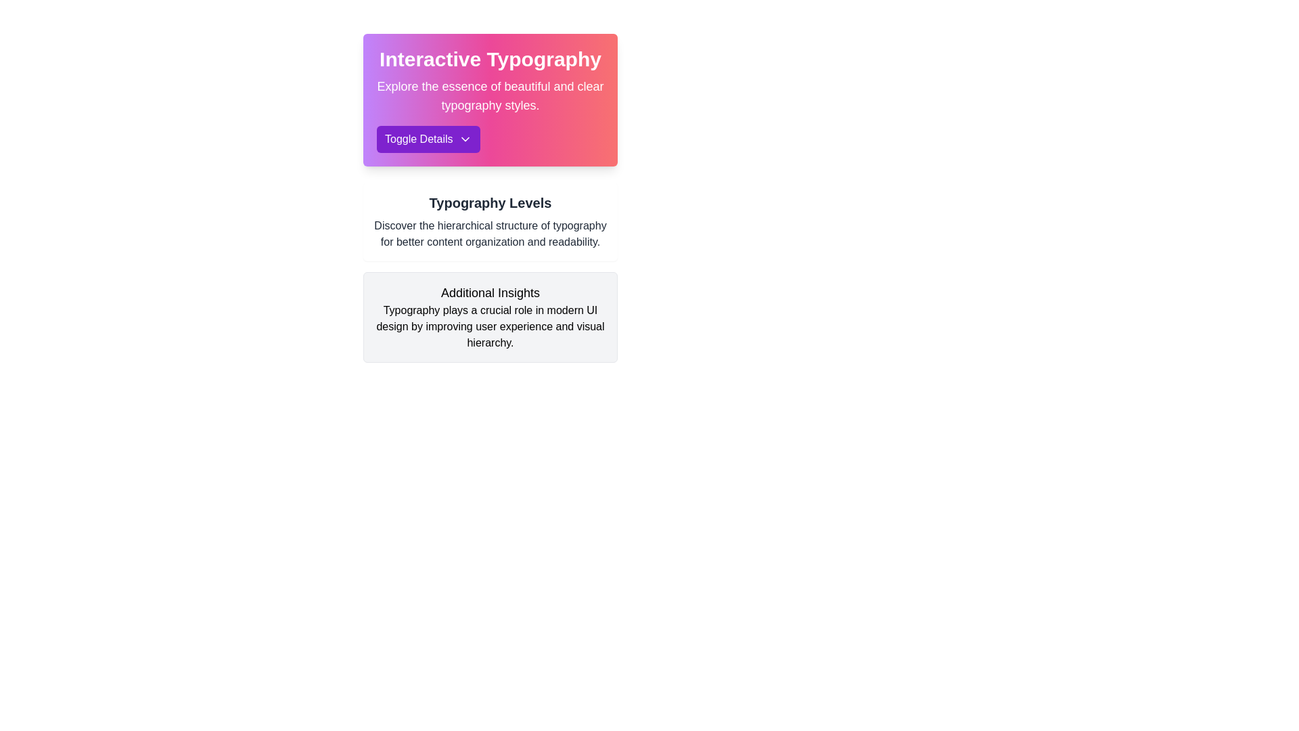 The height and width of the screenshot is (731, 1299). Describe the element at coordinates (465, 139) in the screenshot. I see `the chevron icon located to the immediate right of the 'Toggle Details' text within the purple button` at that location.